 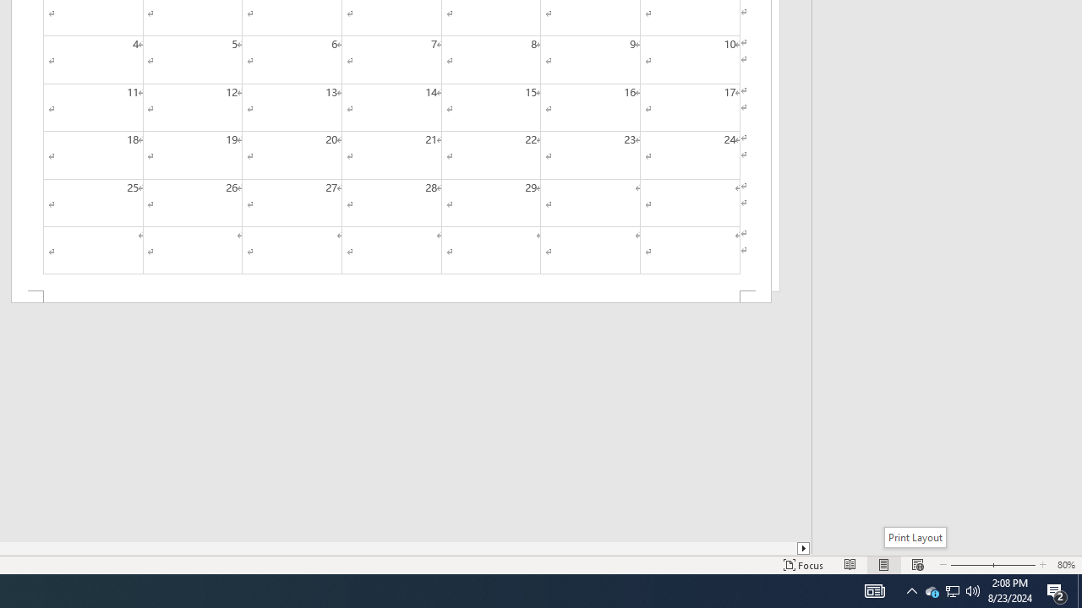 What do you see at coordinates (966, 565) in the screenshot?
I see `'Zoom Out'` at bounding box center [966, 565].